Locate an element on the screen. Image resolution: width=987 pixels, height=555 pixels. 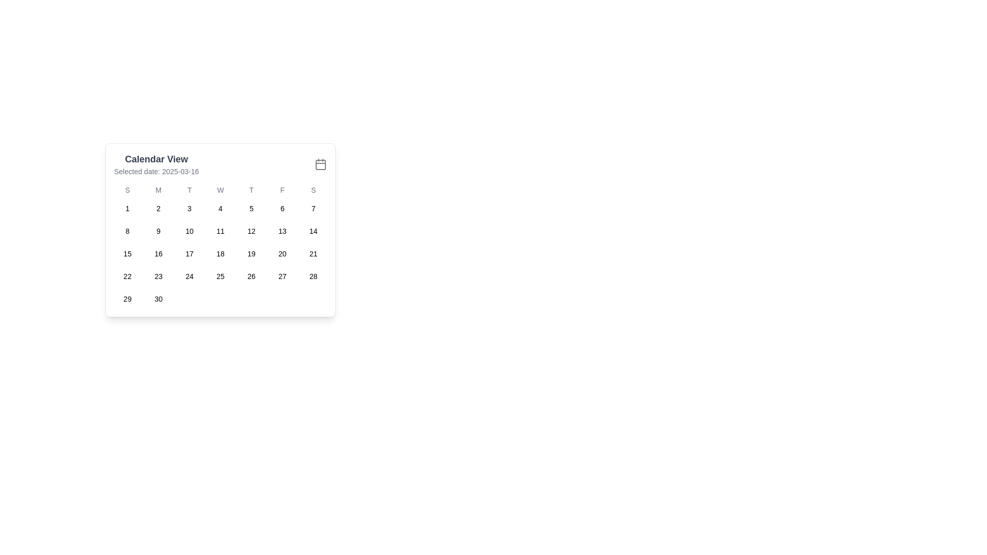
the Calendar Day Button representing the 17th day of the month is located at coordinates (189, 253).